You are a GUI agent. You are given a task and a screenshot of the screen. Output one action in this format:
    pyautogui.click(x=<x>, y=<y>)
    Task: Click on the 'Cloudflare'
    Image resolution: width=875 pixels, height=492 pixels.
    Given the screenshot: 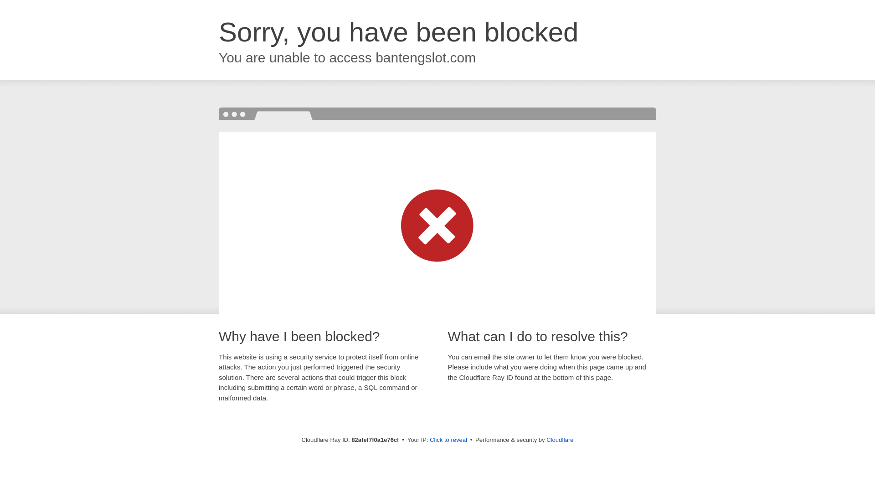 What is the action you would take?
    pyautogui.click(x=559, y=439)
    